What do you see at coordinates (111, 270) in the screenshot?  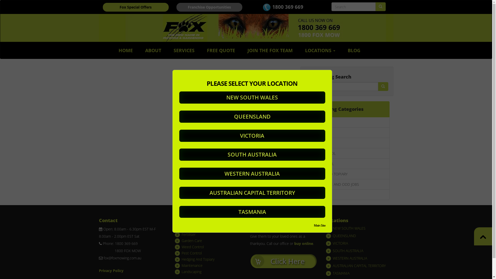 I see `'Privacy Policy'` at bounding box center [111, 270].